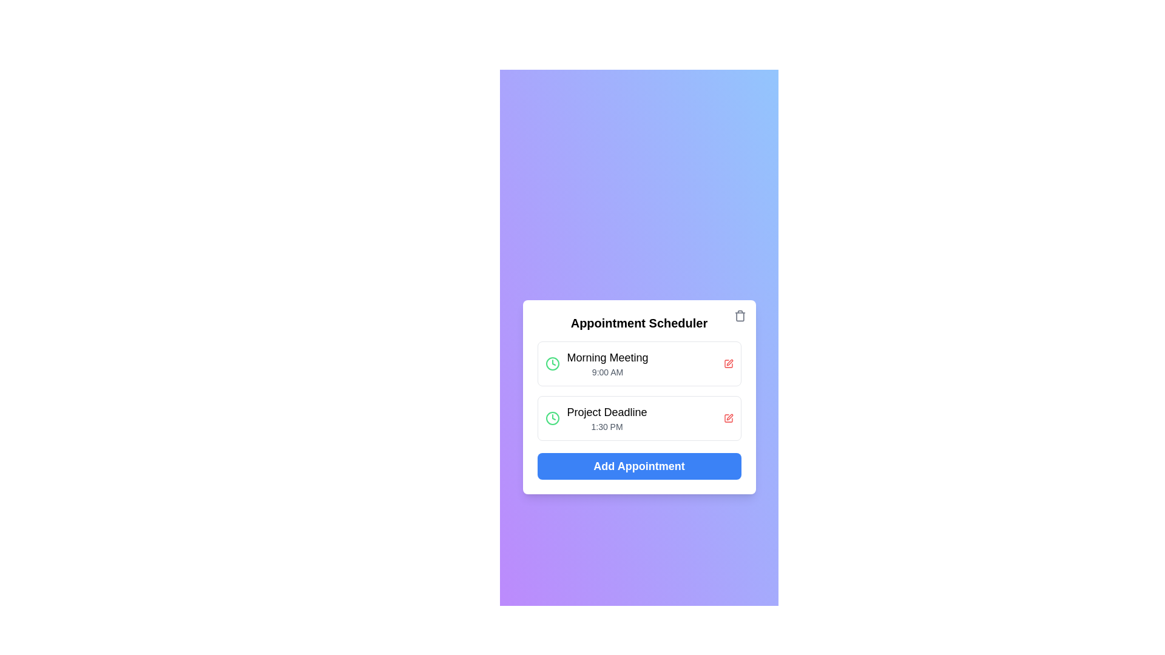 Image resolution: width=1165 pixels, height=655 pixels. What do you see at coordinates (607, 418) in the screenshot?
I see `the 'Project Deadline' text display, which contains two lines of text: 'Project Deadline' in bold and '1:30 PM' in lighter text, located in the 'Appointment Scheduler' panel` at bounding box center [607, 418].